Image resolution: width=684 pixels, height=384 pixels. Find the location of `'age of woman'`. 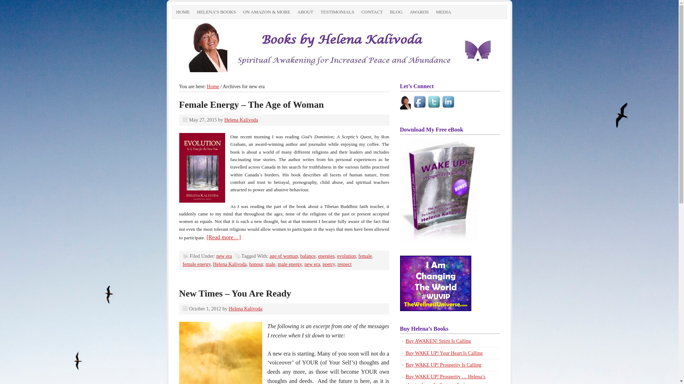

'age of woman' is located at coordinates (283, 256).